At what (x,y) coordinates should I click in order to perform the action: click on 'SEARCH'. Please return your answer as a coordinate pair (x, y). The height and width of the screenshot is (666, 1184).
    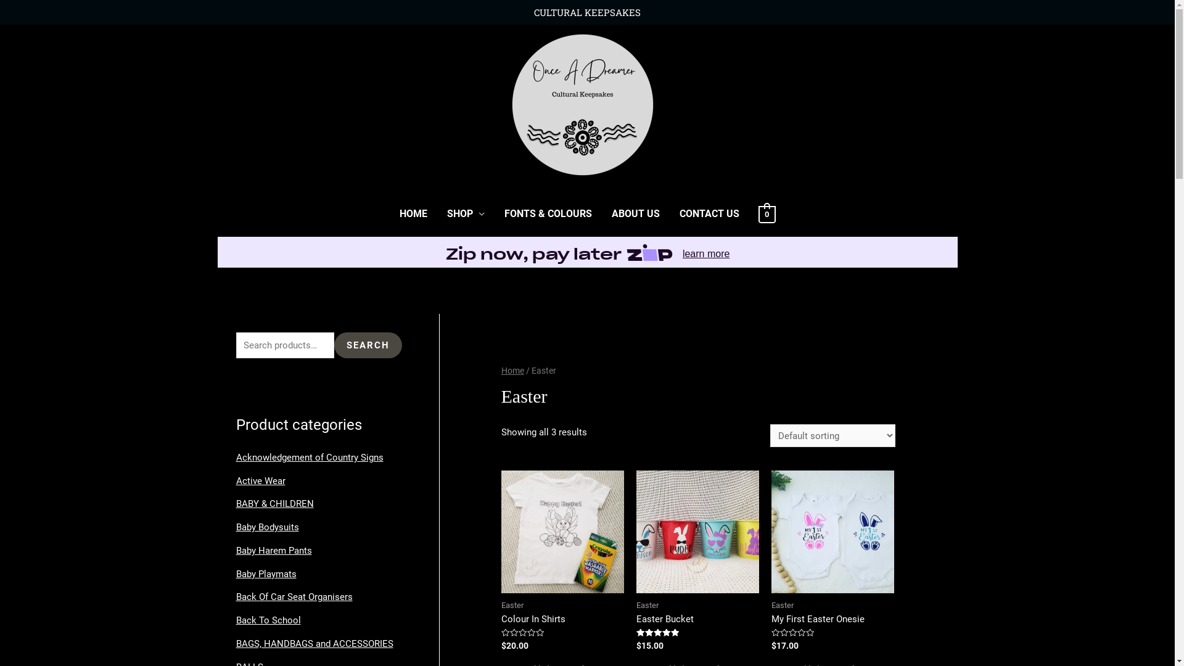
    Looking at the image, I should click on (367, 345).